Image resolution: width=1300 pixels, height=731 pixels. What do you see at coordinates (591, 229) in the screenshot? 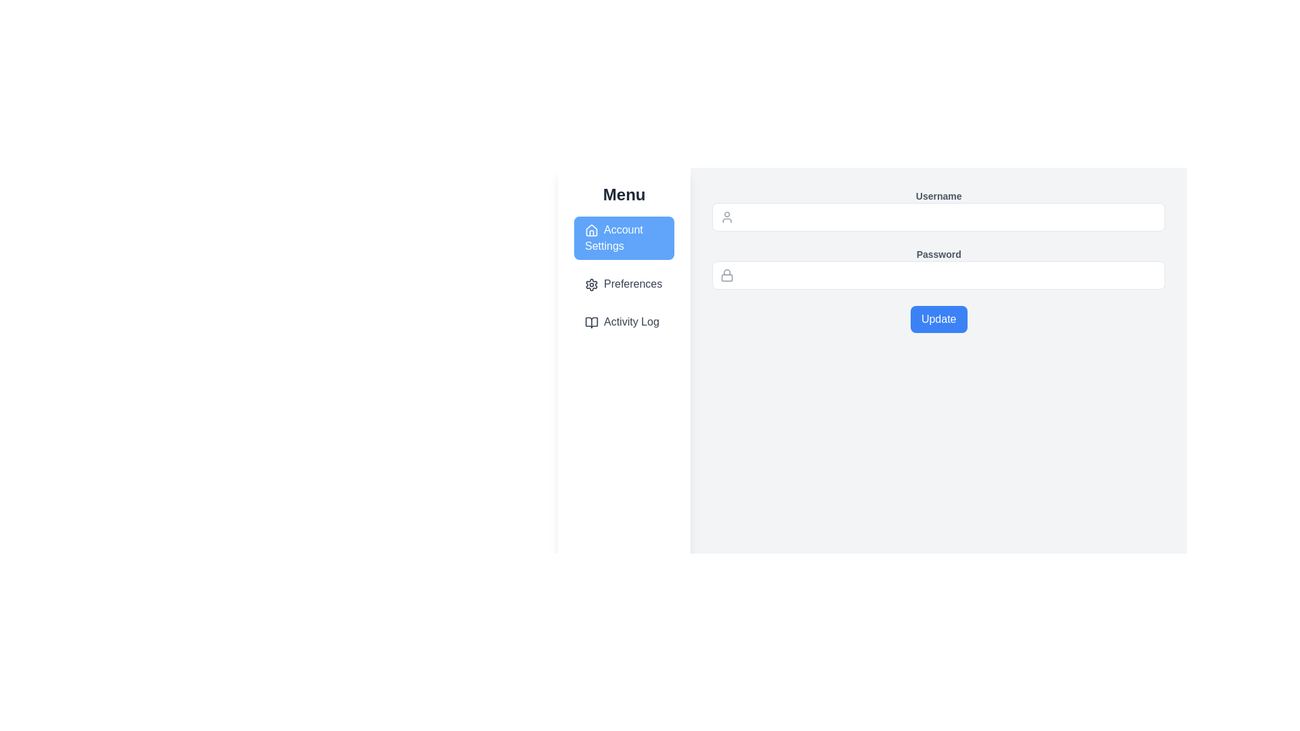
I see `the small house-shaped icon with a simple outline design, styled in white on a blue background, located at the start of the 'Account Settings' label in the left navigation menu` at bounding box center [591, 229].